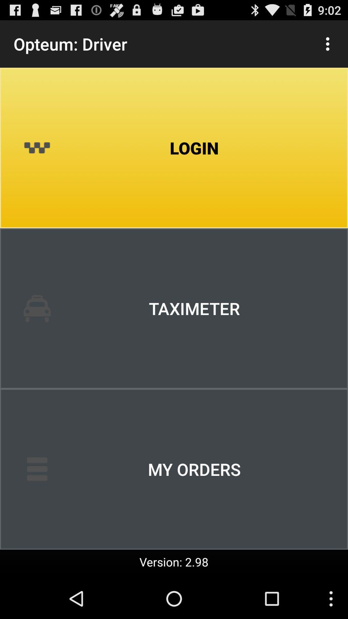 Image resolution: width=348 pixels, height=619 pixels. I want to click on item at the center, so click(174, 308).